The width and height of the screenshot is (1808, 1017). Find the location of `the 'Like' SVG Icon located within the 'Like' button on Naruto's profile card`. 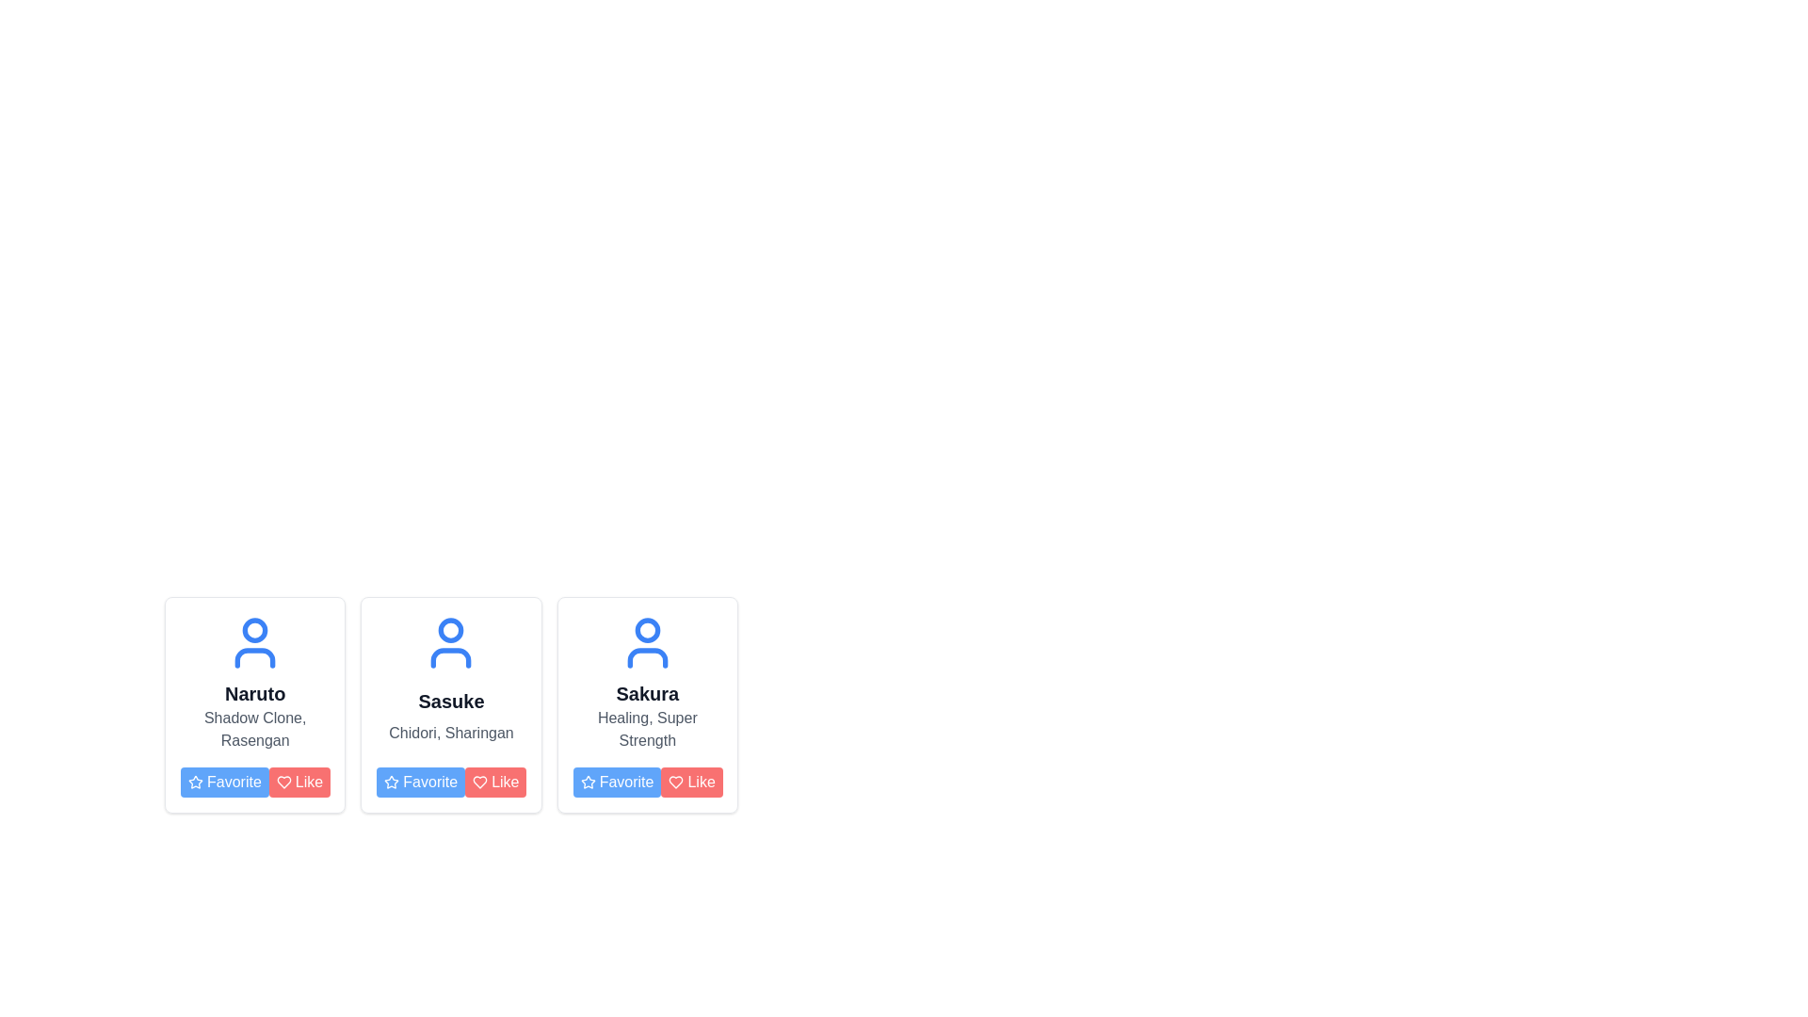

the 'Like' SVG Icon located within the 'Like' button on Naruto's profile card is located at coordinates (282, 782).